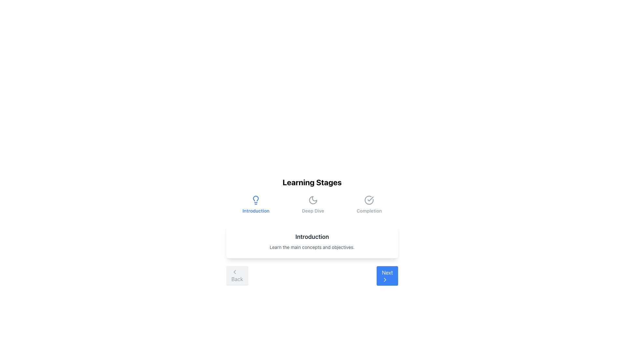 The width and height of the screenshot is (625, 351). Describe the element at coordinates (256, 211) in the screenshot. I see `the 'Introduction' label, which is styled in a small, bold font with blue color and is located below a lightbulb icon in a group of three items` at that location.